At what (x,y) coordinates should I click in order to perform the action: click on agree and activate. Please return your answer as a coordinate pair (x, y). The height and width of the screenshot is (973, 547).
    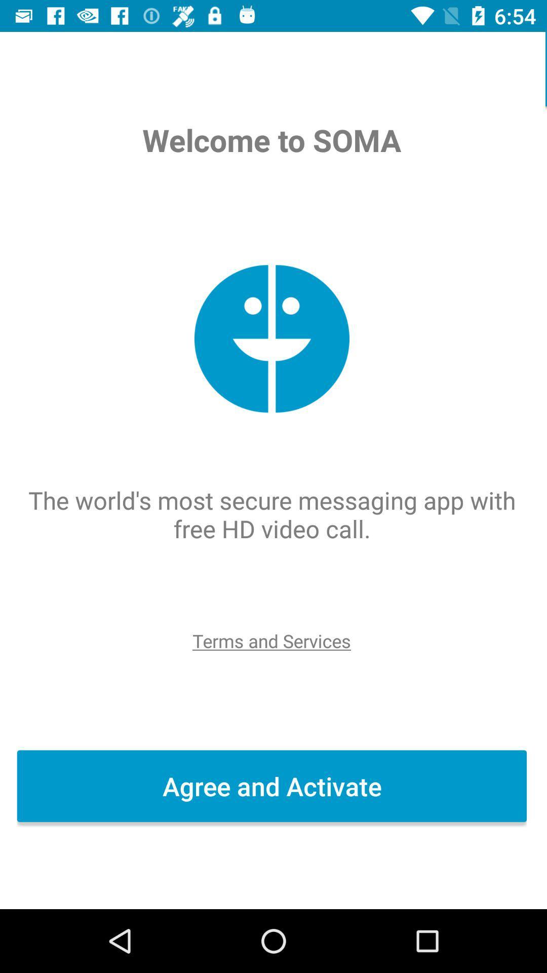
    Looking at the image, I should click on (273, 785).